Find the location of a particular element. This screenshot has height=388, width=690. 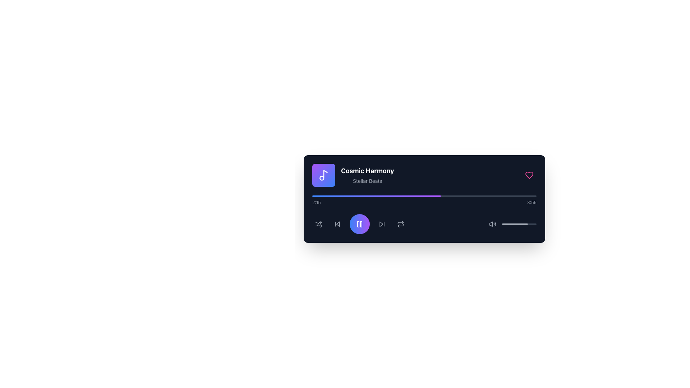

the volume slider is located at coordinates (532, 224).